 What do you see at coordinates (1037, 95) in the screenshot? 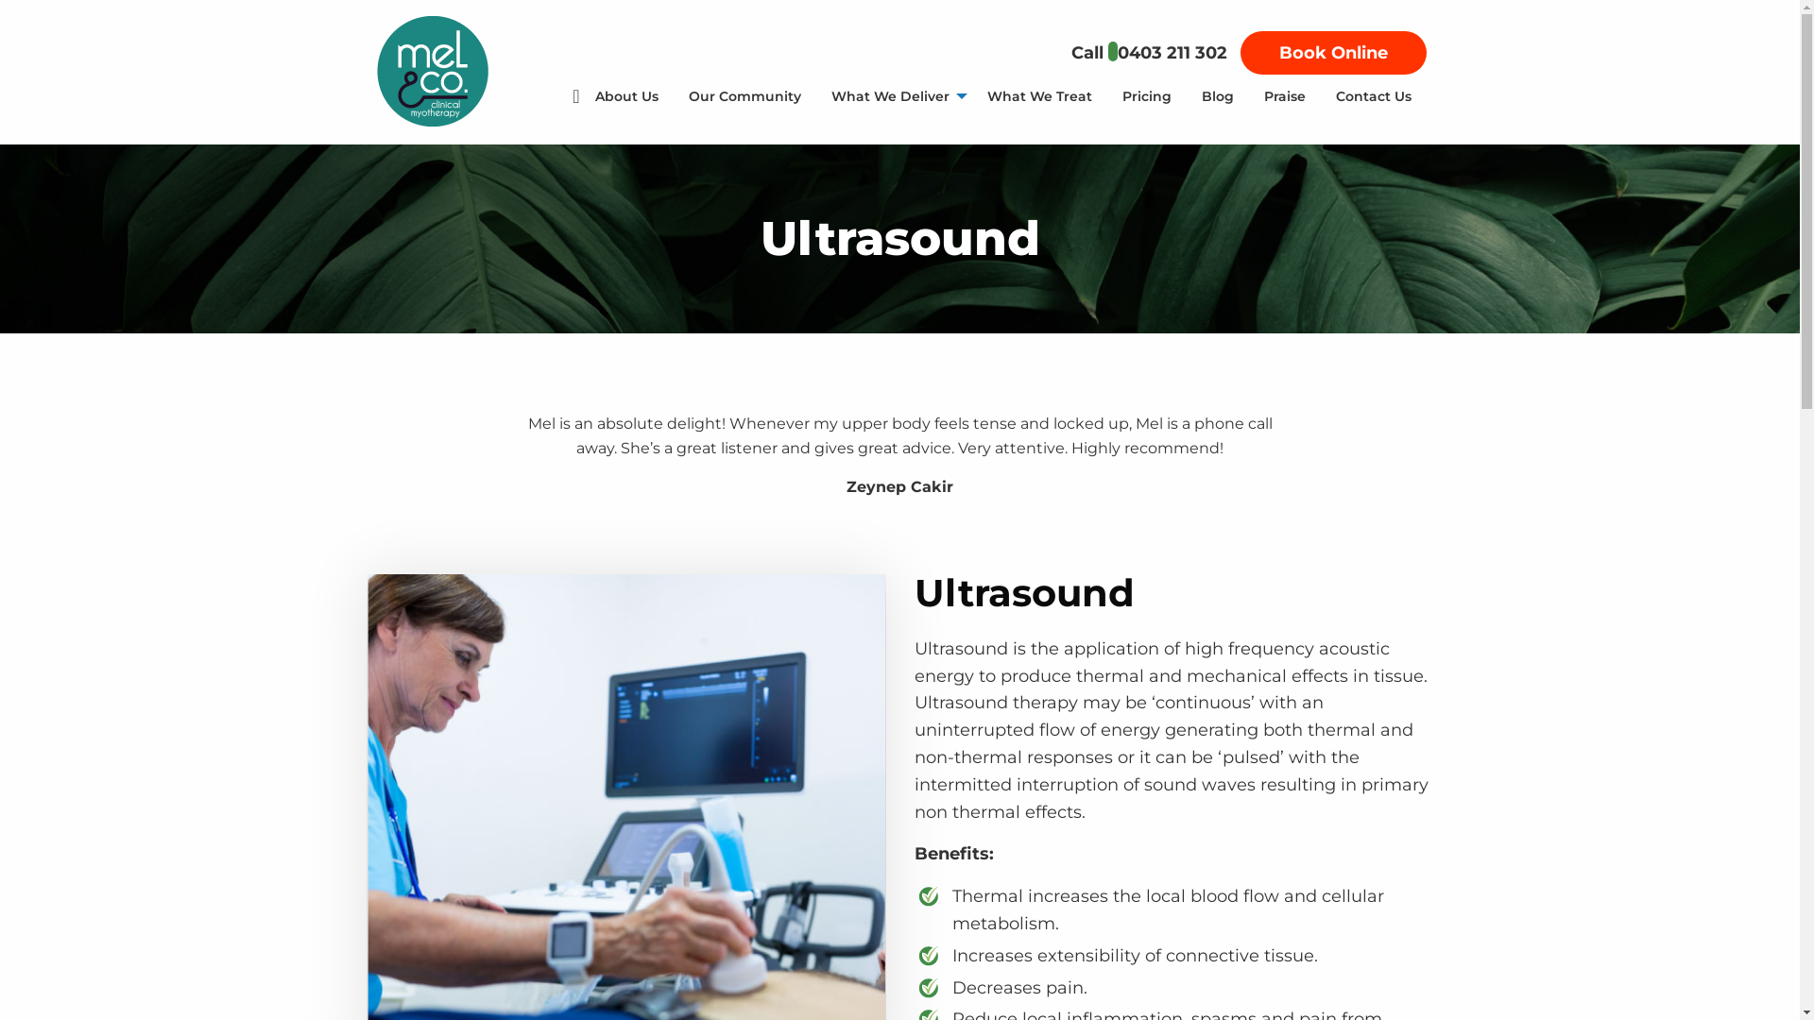
I see `'What We Treat'` at bounding box center [1037, 95].